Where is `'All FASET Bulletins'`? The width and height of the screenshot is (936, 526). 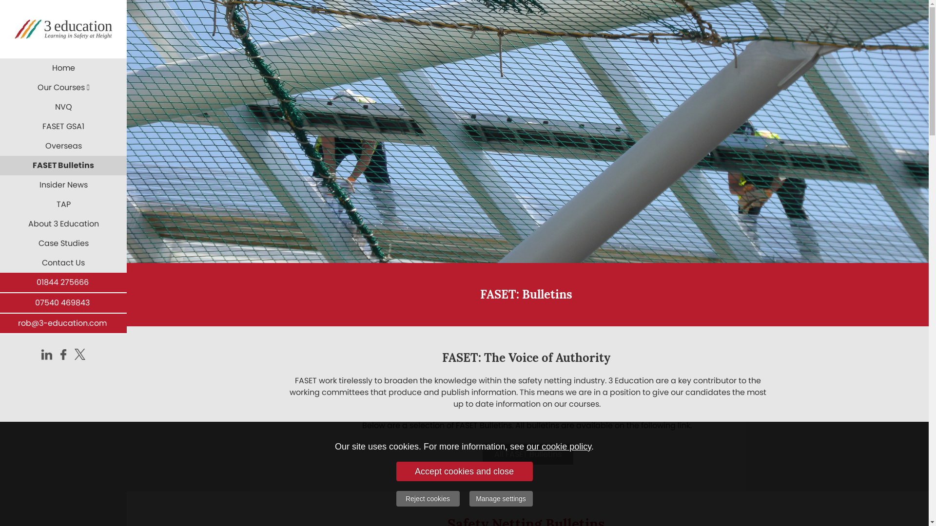 'All FASET Bulletins' is located at coordinates (482, 454).